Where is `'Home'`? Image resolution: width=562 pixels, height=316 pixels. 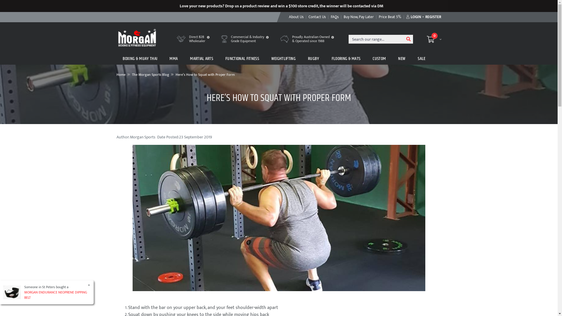
'Home' is located at coordinates (121, 74).